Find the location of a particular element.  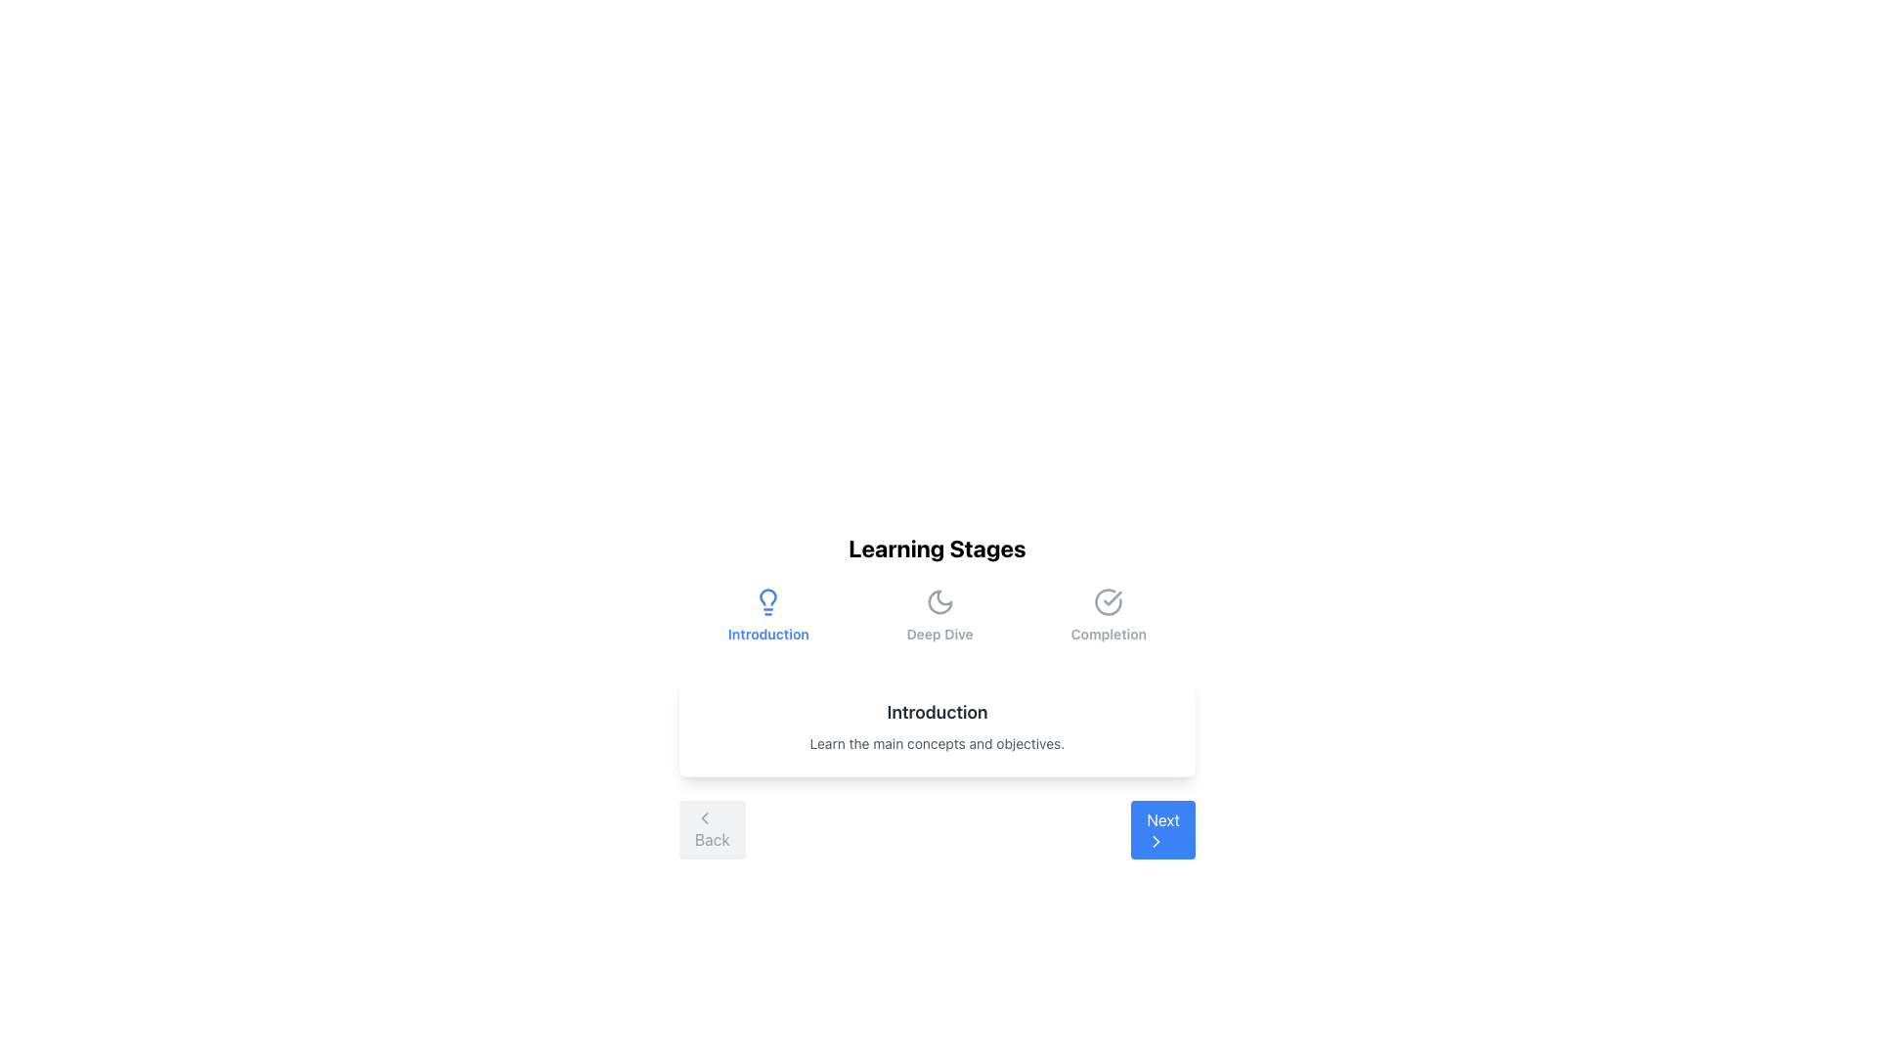

the Text Label that provides a clarifying subtitle or descriptive context regarding the main objectives of the 'Introduction' section, located directly below another text element reading 'Introduction' is located at coordinates (937, 743).